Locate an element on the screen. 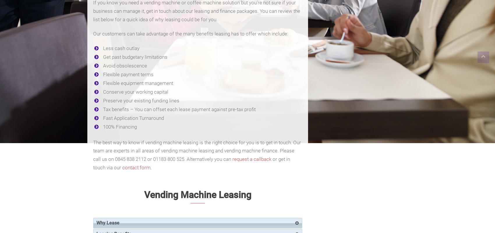  'Less cash outlay' is located at coordinates (102, 48).